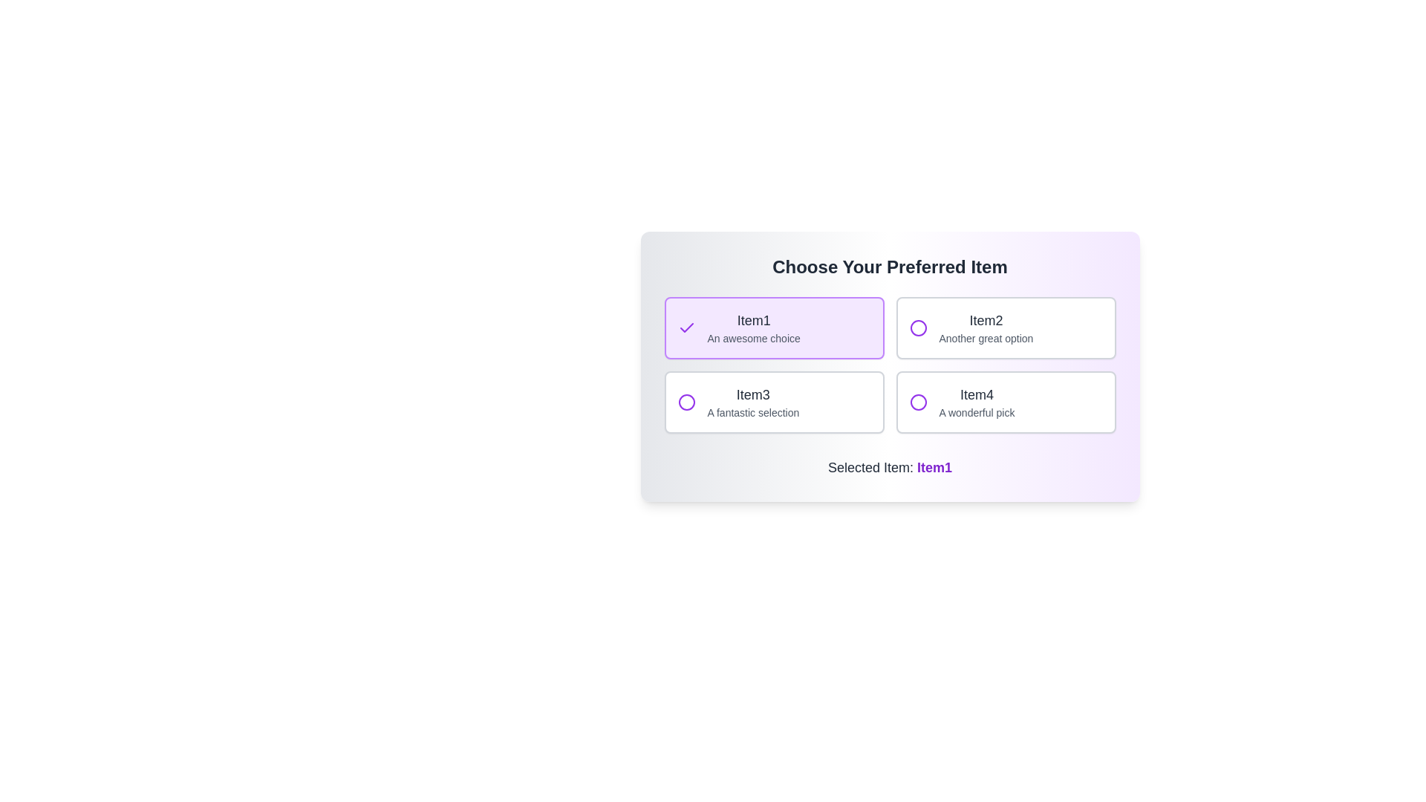  What do you see at coordinates (753, 394) in the screenshot?
I see `the text label that serves as the title for the third item in a selection group, which is positioned above the subtitle 'A fantastic selection' in the bottom-left quadrant of the grid layout` at bounding box center [753, 394].